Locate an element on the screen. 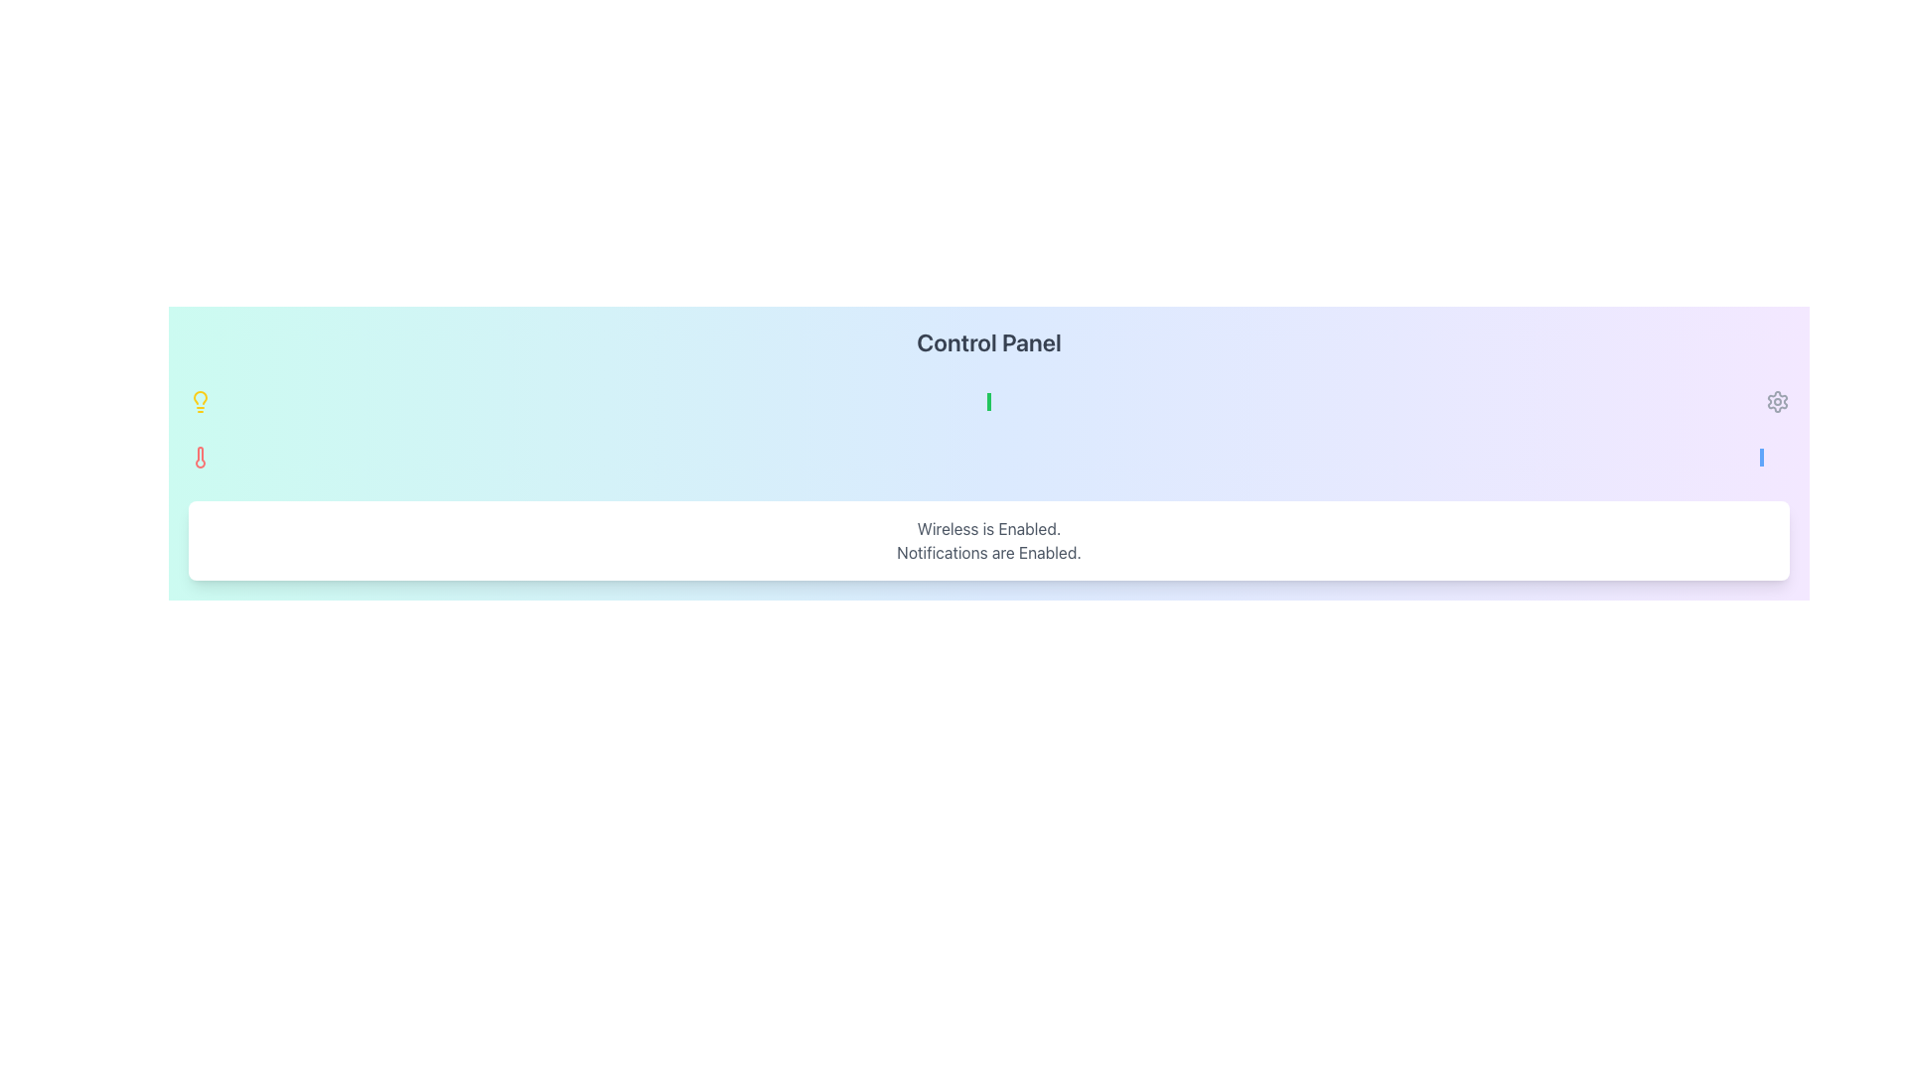 This screenshot has height=1072, width=1907. the Display Text Block that shows the status of 'Wireless' and 'Notifications' functionalities, indicating both are enabled is located at coordinates (989, 540).